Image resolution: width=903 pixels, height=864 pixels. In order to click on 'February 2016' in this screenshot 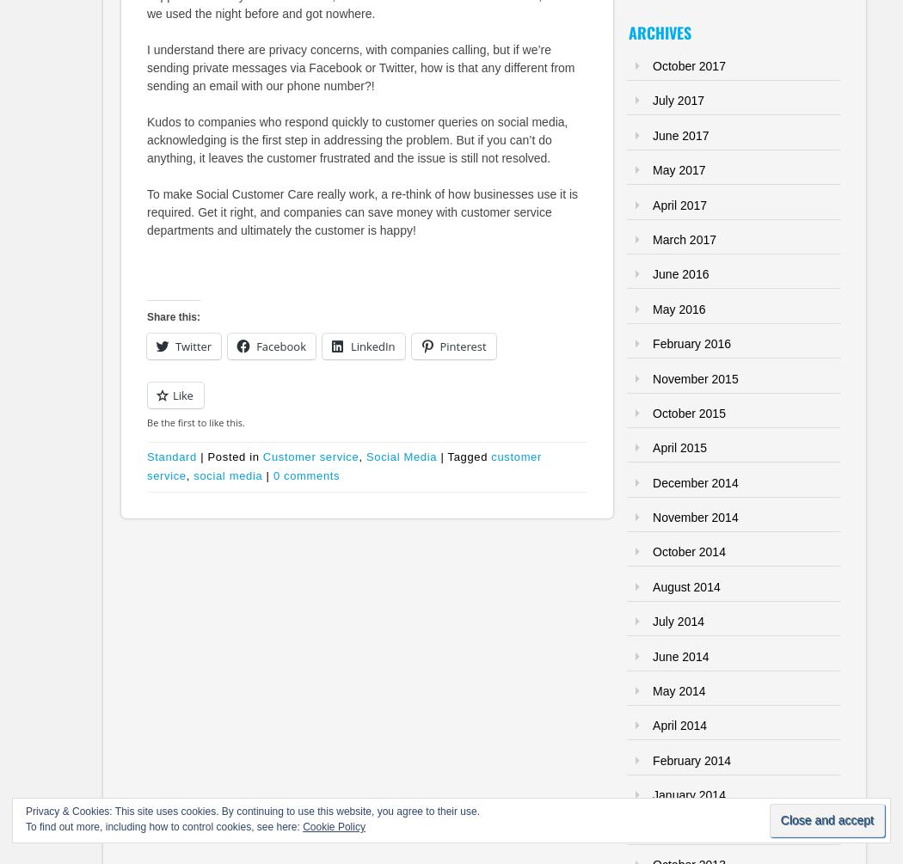, I will do `click(691, 343)`.